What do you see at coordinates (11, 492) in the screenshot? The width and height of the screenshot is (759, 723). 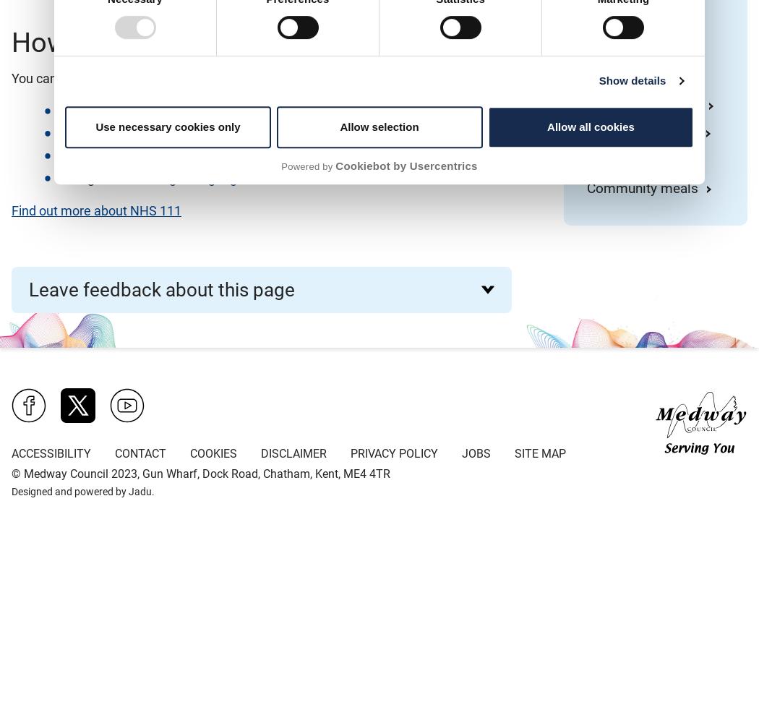 I see `'Designed and powered by'` at bounding box center [11, 492].